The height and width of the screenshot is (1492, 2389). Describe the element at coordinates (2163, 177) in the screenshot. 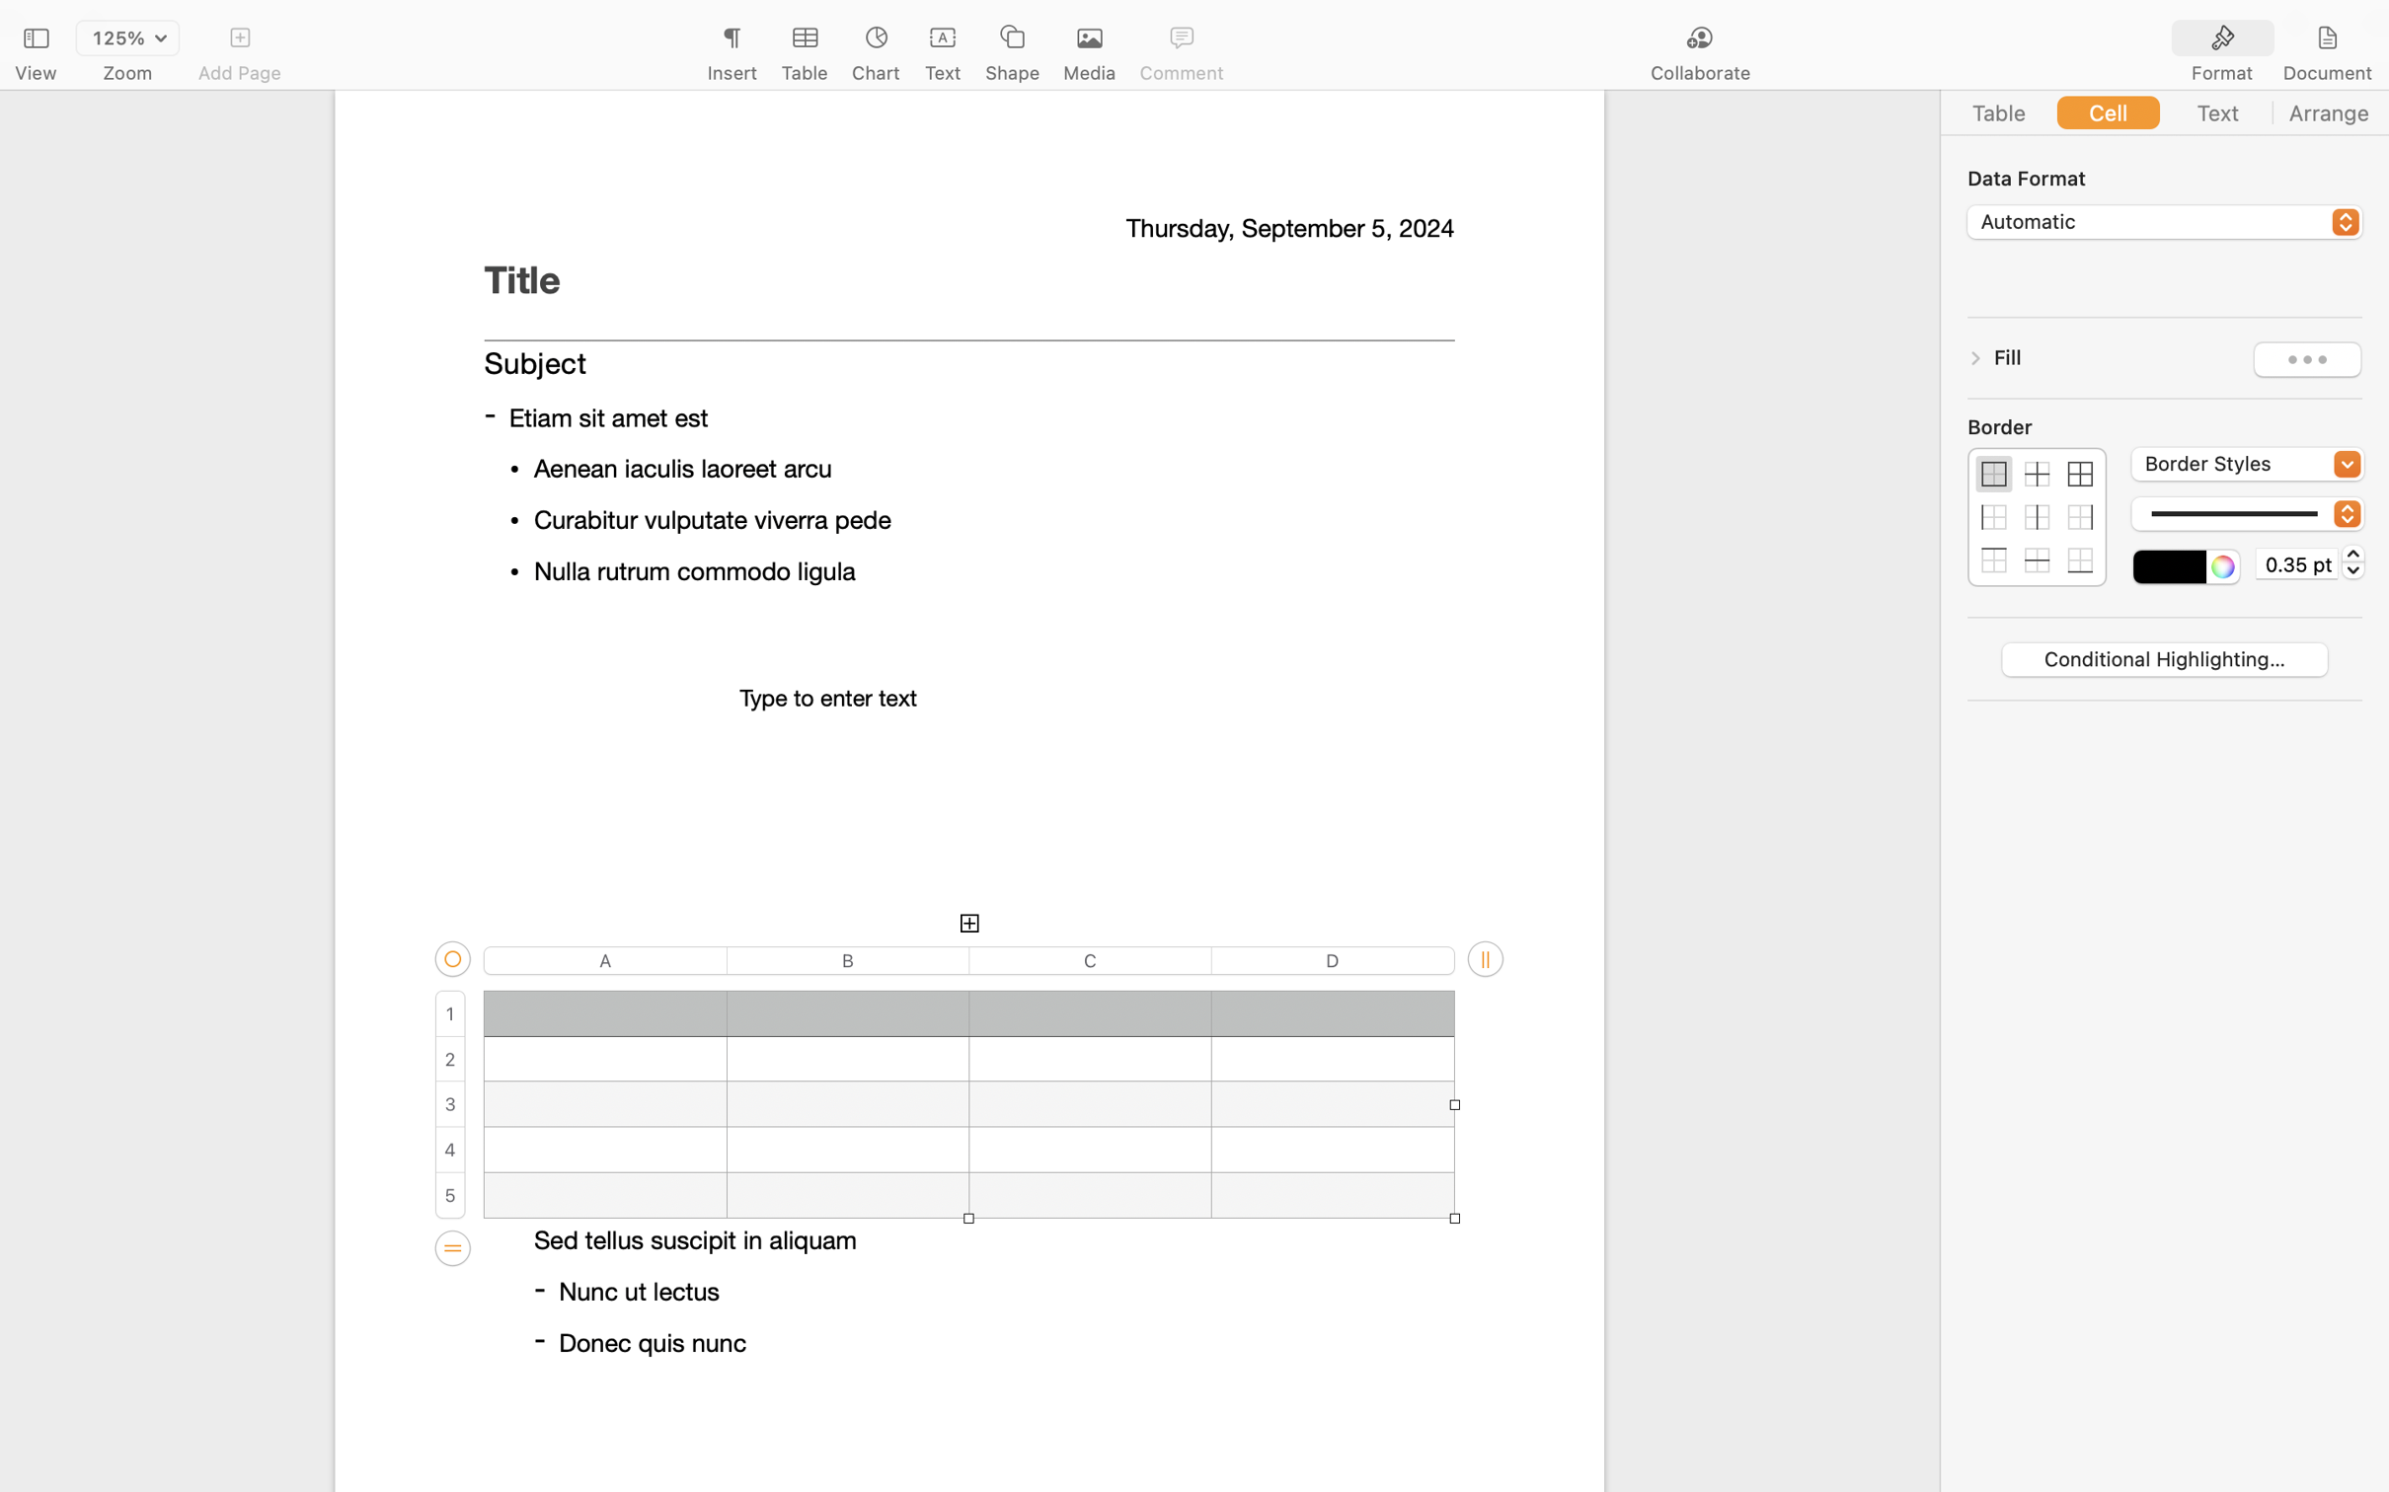

I see `'Data Format'` at that location.